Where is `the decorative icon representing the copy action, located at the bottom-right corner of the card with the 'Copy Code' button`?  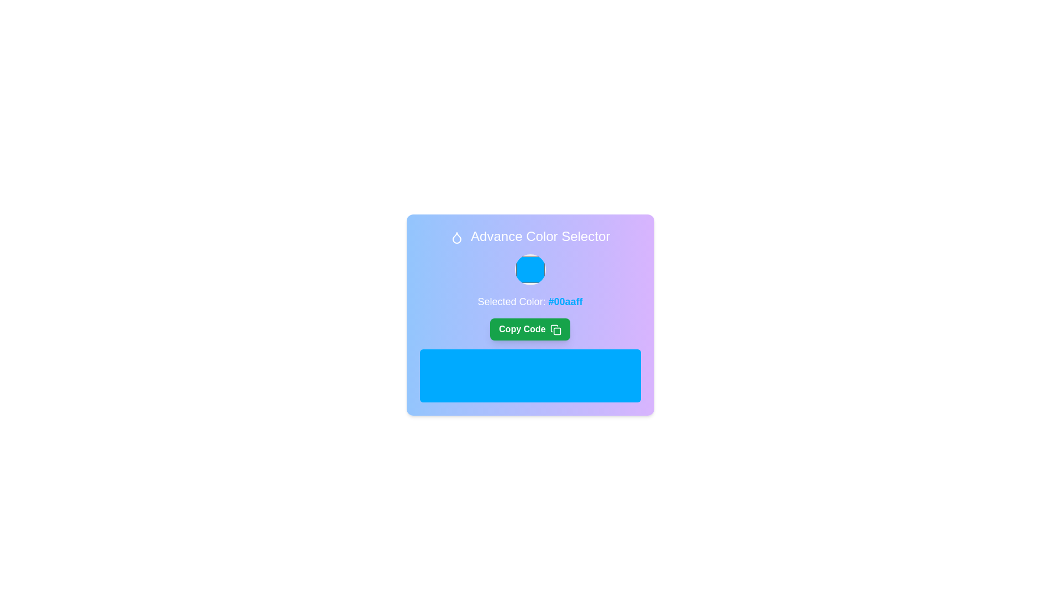 the decorative icon representing the copy action, located at the bottom-right corner of the card with the 'Copy Code' button is located at coordinates (554, 328).